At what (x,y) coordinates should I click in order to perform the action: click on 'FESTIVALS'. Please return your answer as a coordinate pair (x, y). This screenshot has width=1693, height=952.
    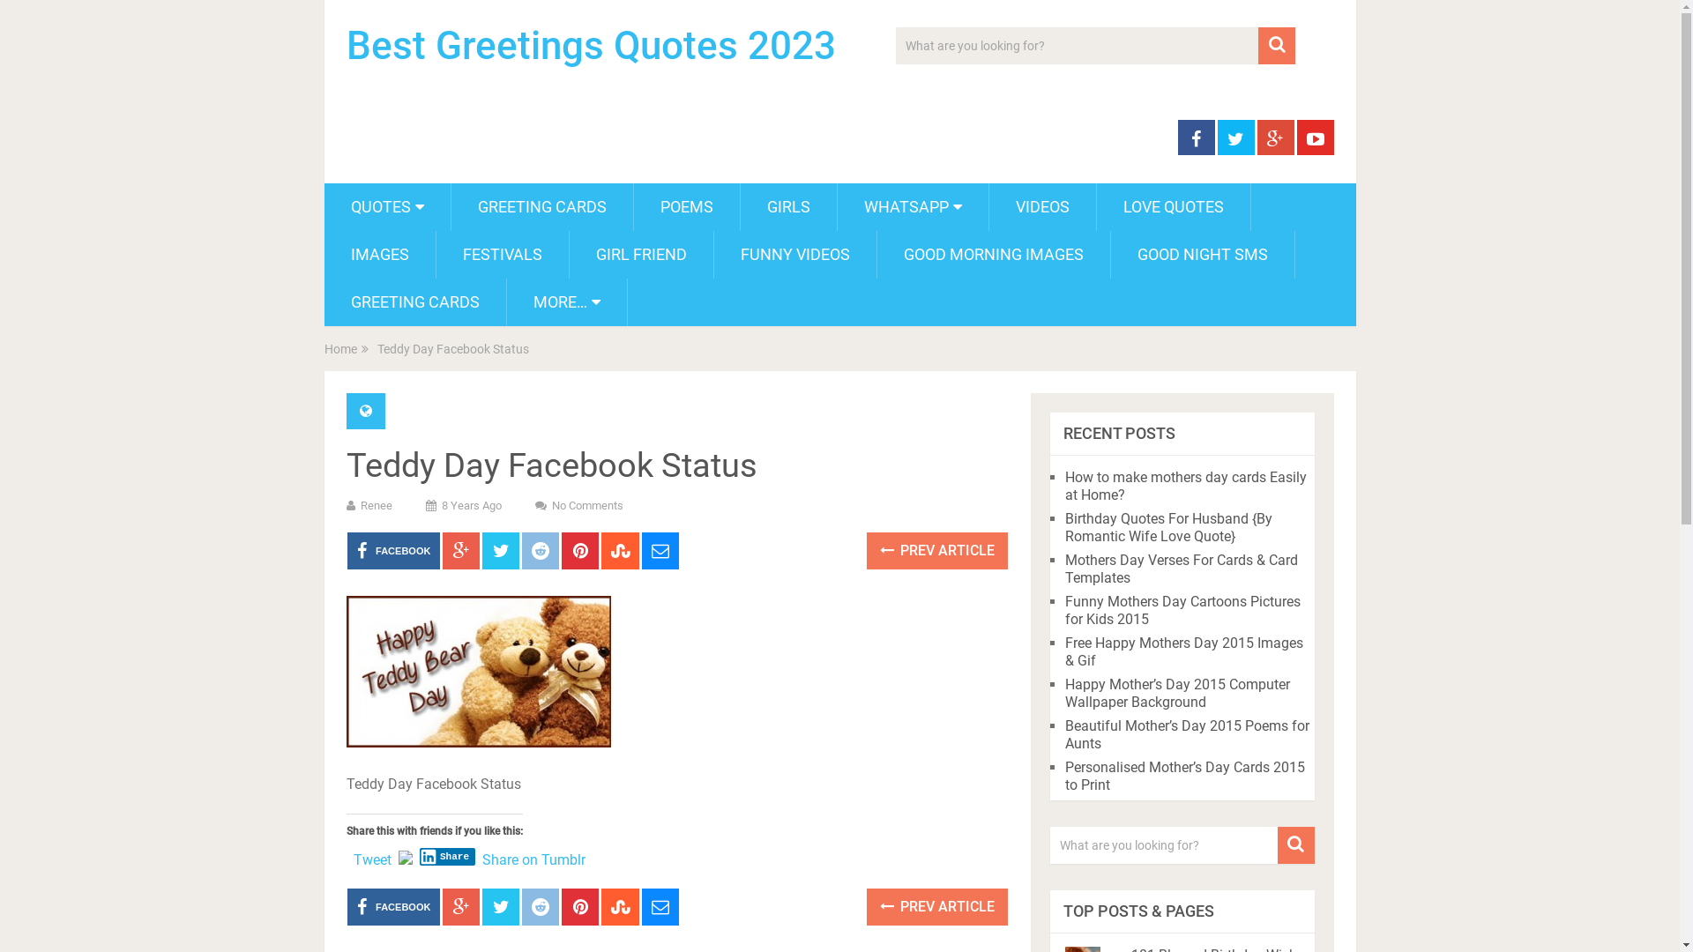
    Looking at the image, I should click on (501, 255).